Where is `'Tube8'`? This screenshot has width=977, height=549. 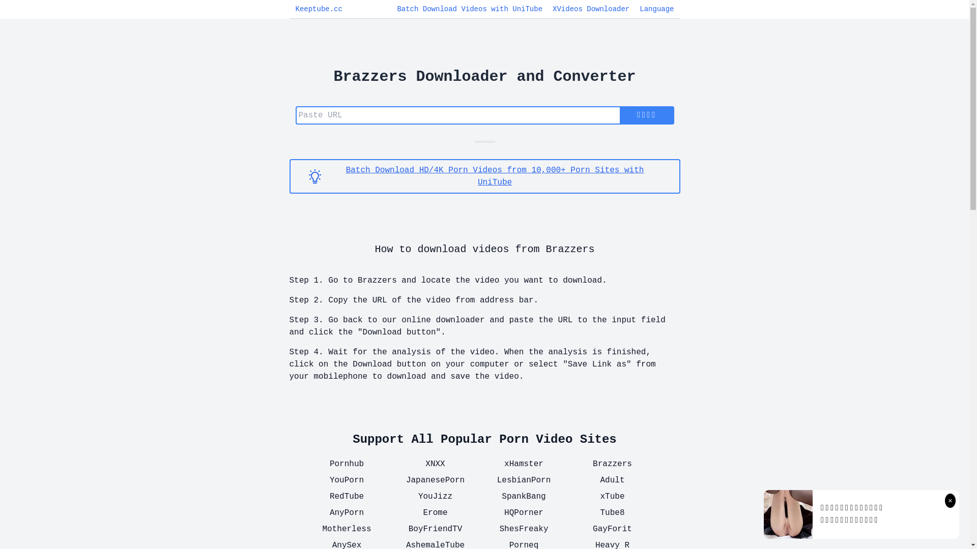 'Tube8' is located at coordinates (612, 513).